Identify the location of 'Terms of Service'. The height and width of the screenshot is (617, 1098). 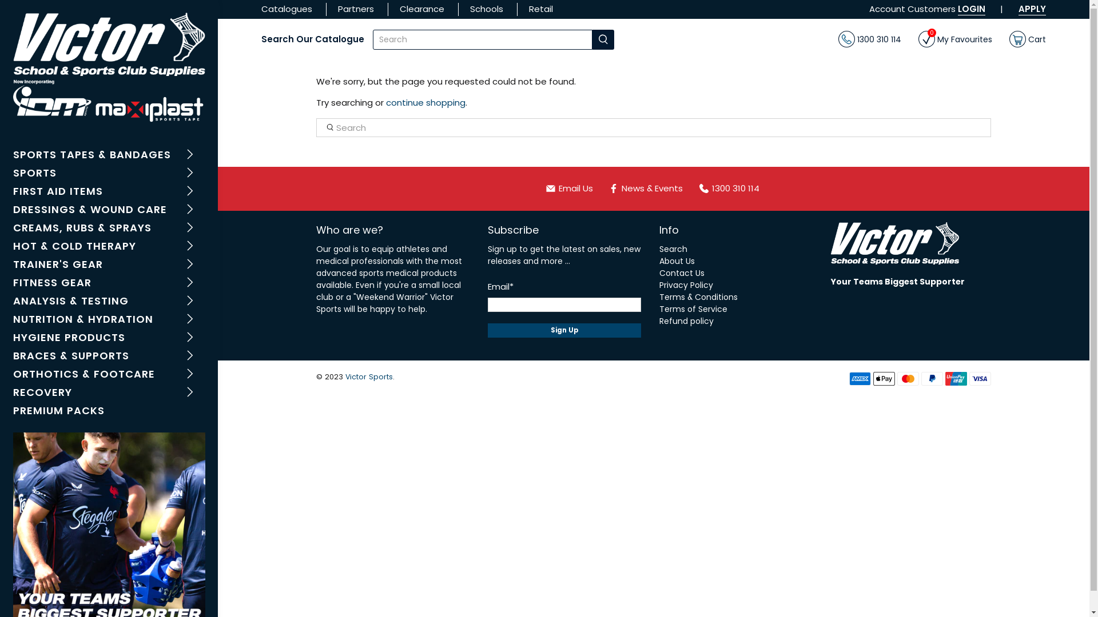
(693, 308).